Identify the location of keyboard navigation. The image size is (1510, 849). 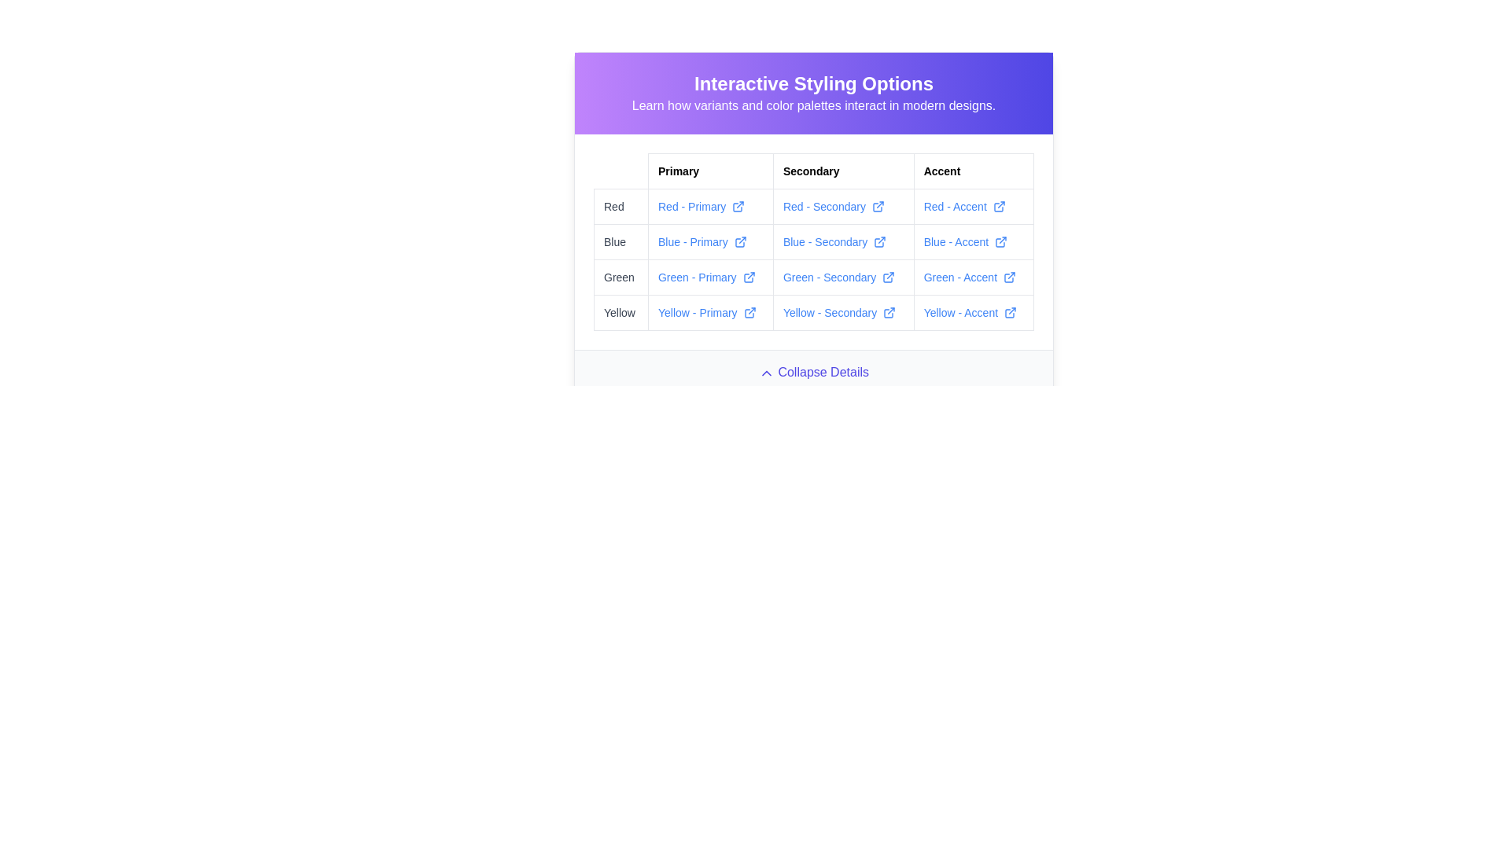
(739, 242).